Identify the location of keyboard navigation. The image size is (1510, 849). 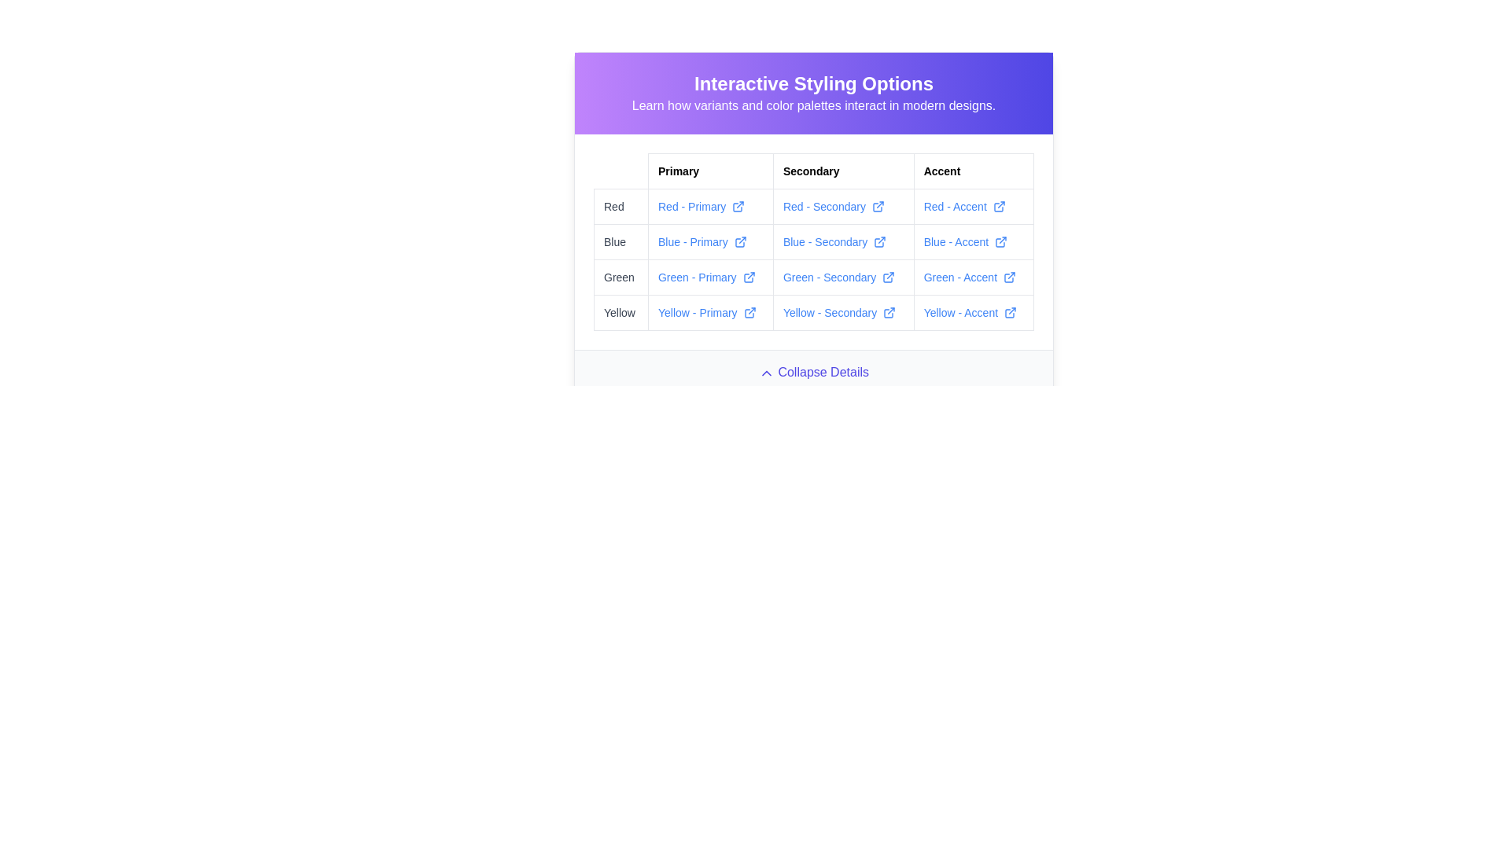
(739, 242).